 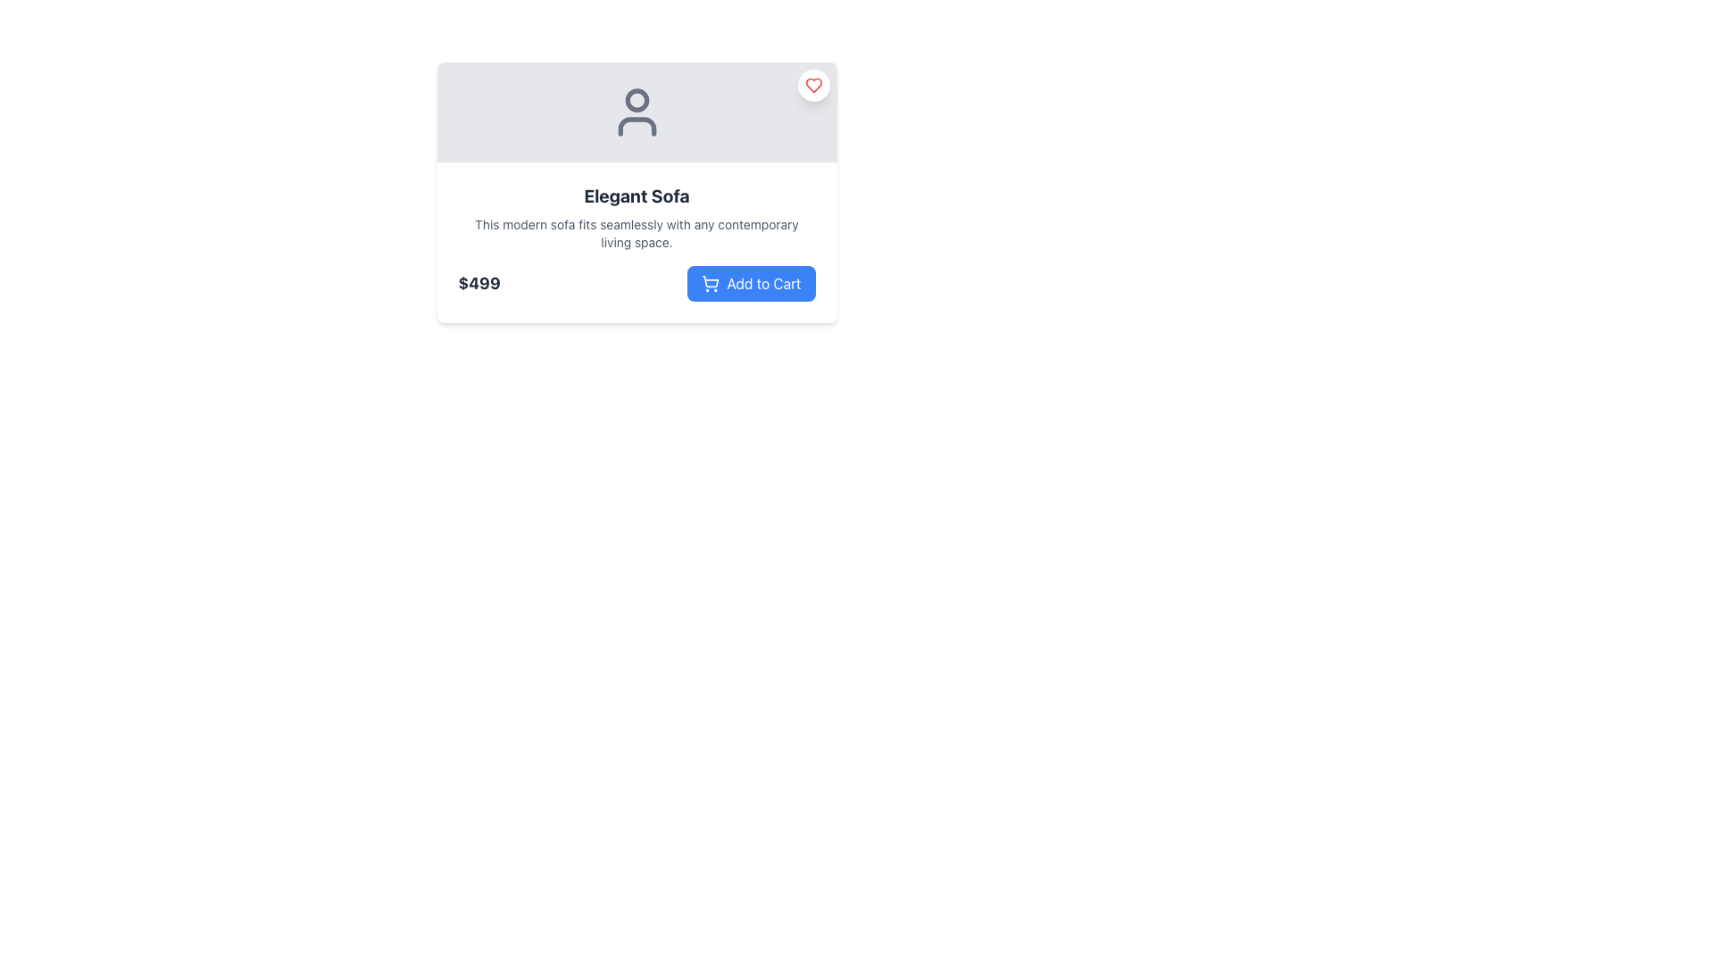 What do you see at coordinates (710, 282) in the screenshot?
I see `the shopping cart icon located in the 'Add to Cart' button, positioned slightly to the left of the text 'Add to Cart'` at bounding box center [710, 282].